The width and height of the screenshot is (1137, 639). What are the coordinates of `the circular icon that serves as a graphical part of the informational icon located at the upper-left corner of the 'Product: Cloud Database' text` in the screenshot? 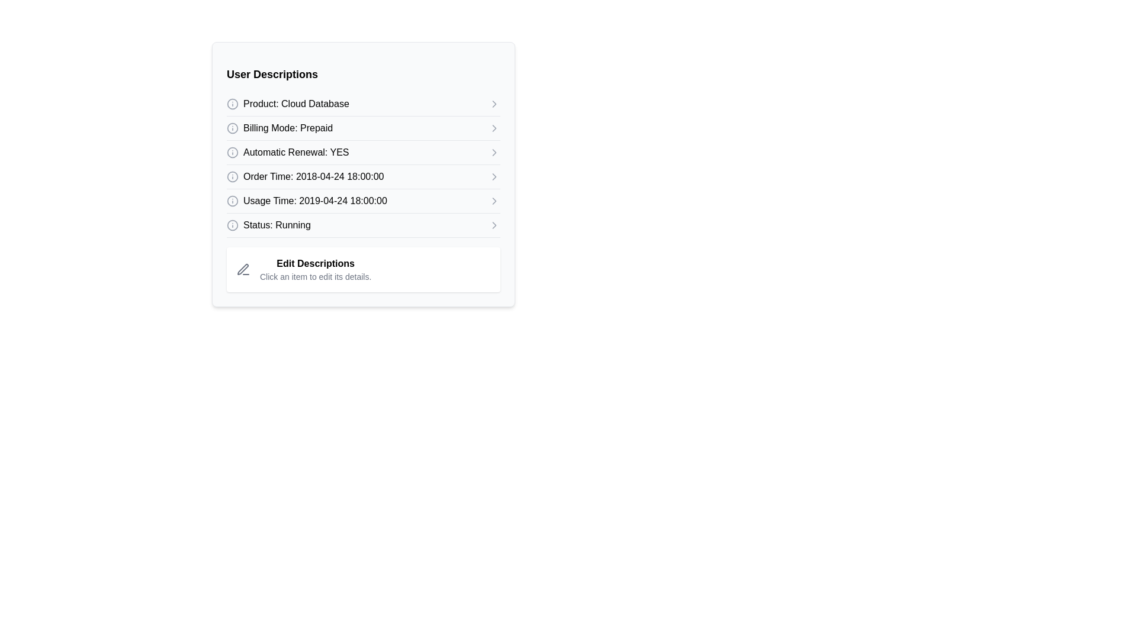 It's located at (233, 104).